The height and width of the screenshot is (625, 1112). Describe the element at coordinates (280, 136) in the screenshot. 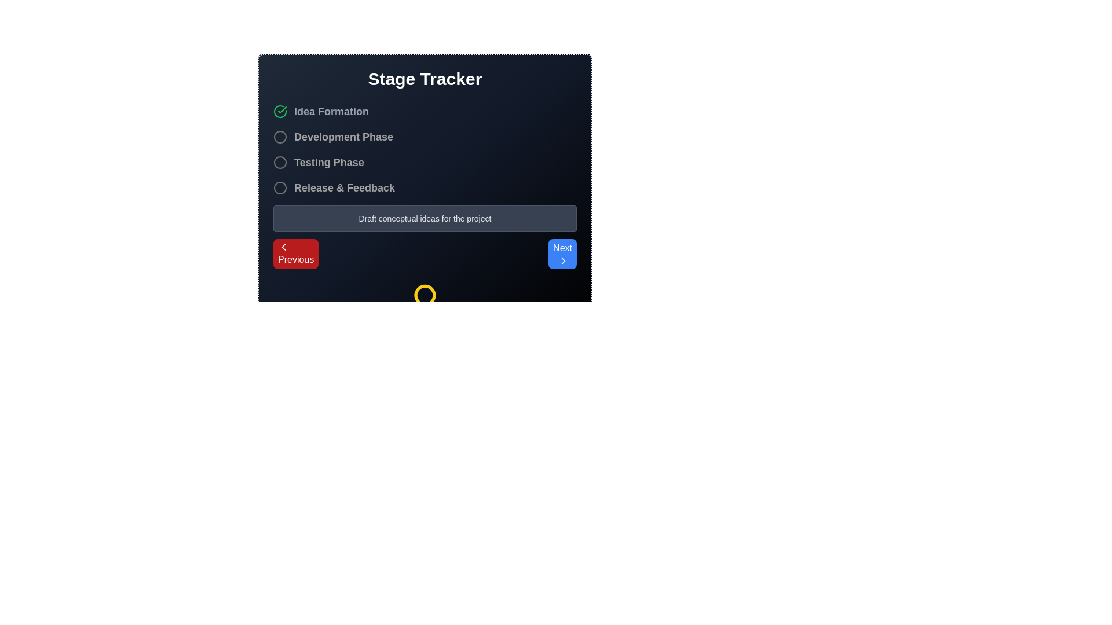

I see `the circular radio button with a gray outline to the left of the 'Development Phase' label` at that location.